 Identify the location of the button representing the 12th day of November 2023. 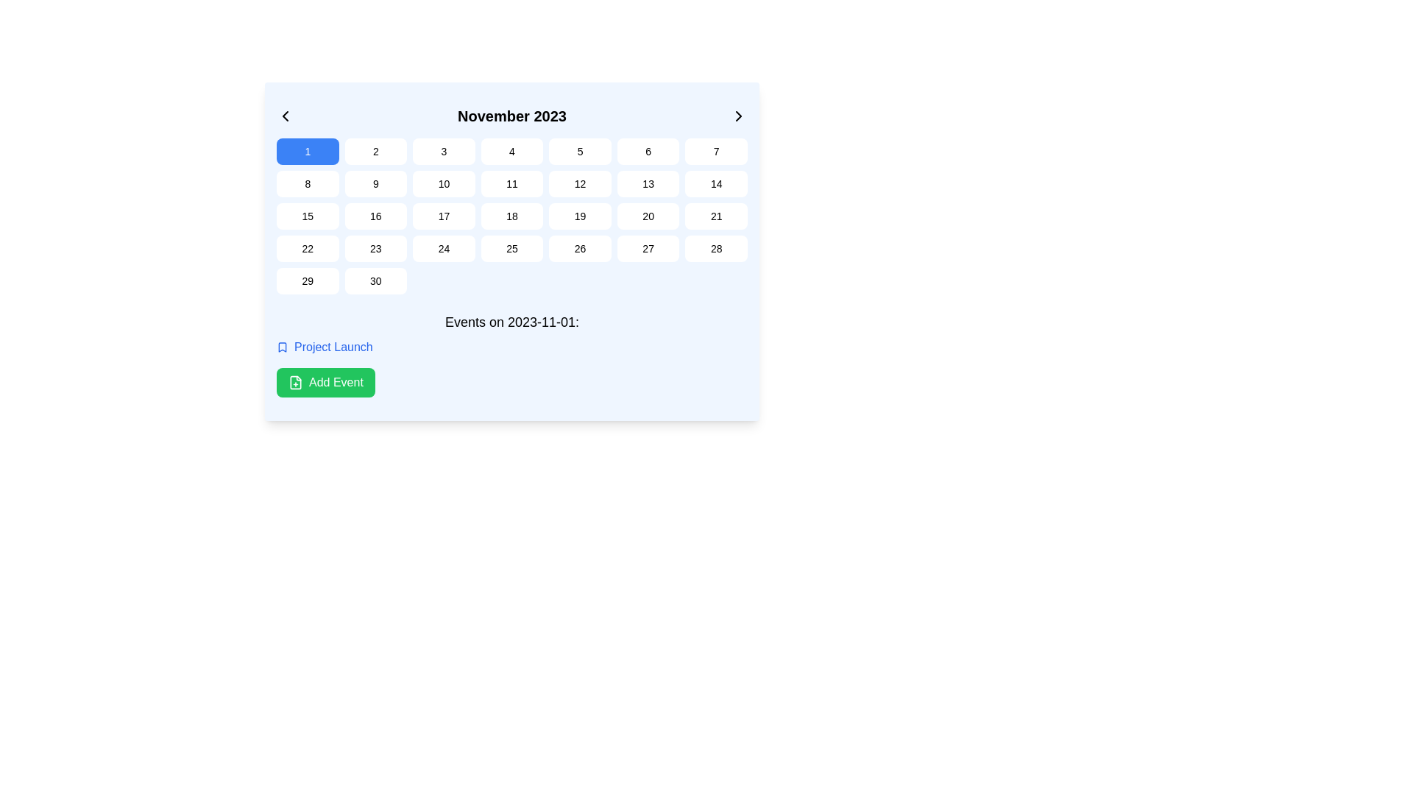
(579, 183).